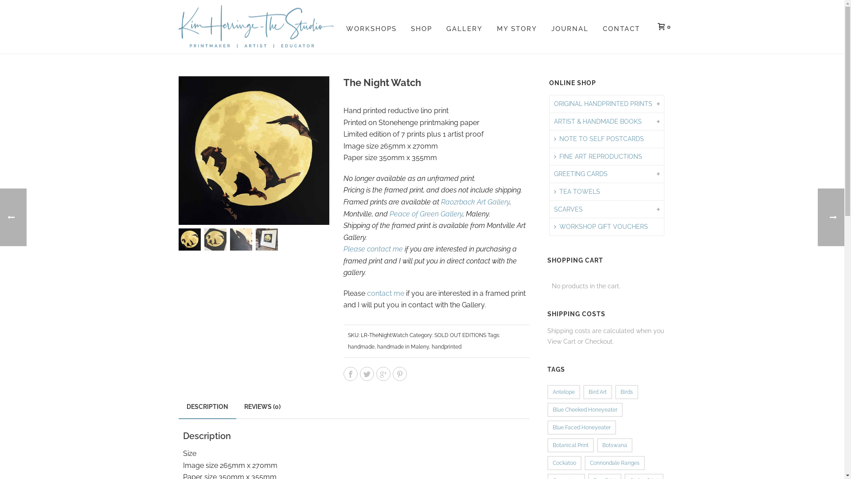 The image size is (851, 479). Describe the element at coordinates (343, 249) in the screenshot. I see `'Please contact me'` at that location.